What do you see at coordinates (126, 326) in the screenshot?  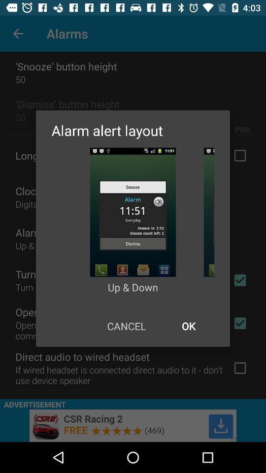 I see `icon next to the ok` at bounding box center [126, 326].